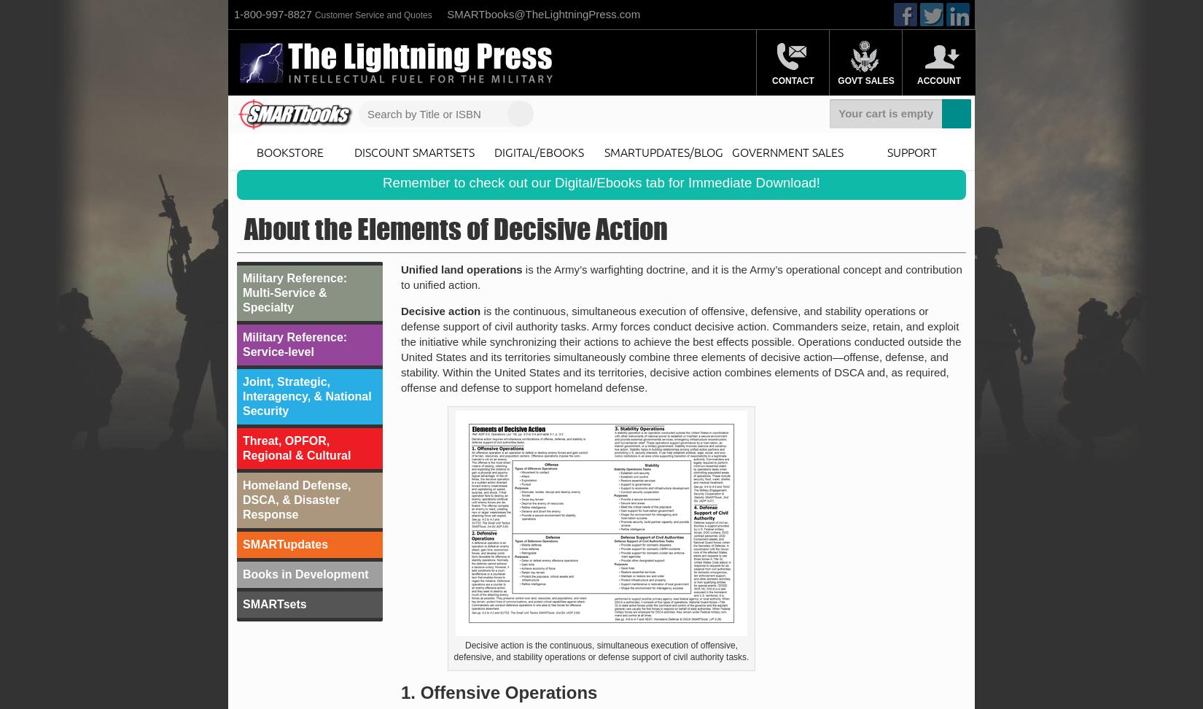 This screenshot has height=709, width=1203. What do you see at coordinates (681, 349) in the screenshot?
I see `'is the continuous, simultaneous execution of offensive, defensive, and stability operations or defense support of civil authority tasks. Army forces conduct decisive action. Commanders seize, retain, and exploit the initiative while synchronizing their actions to achieve the best effects possible. Operations conducted outside the United States and its territories simultaneously combine three elements of decisive action—offense, defense, and stability. Within the United States and its territories, decisive action combines elements of DSCA and, as required, offense and defense to support homeland defense.'` at bounding box center [681, 349].